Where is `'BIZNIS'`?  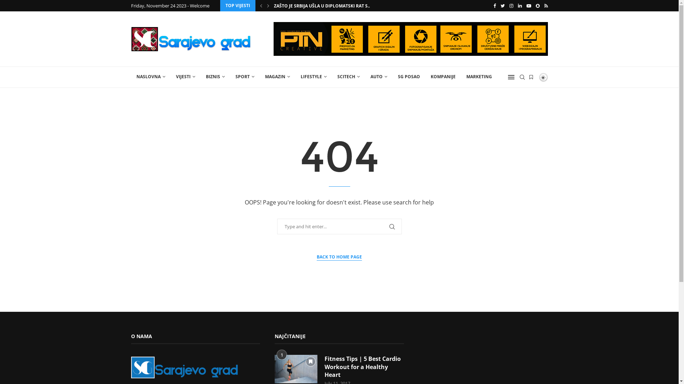 'BIZNIS' is located at coordinates (214, 77).